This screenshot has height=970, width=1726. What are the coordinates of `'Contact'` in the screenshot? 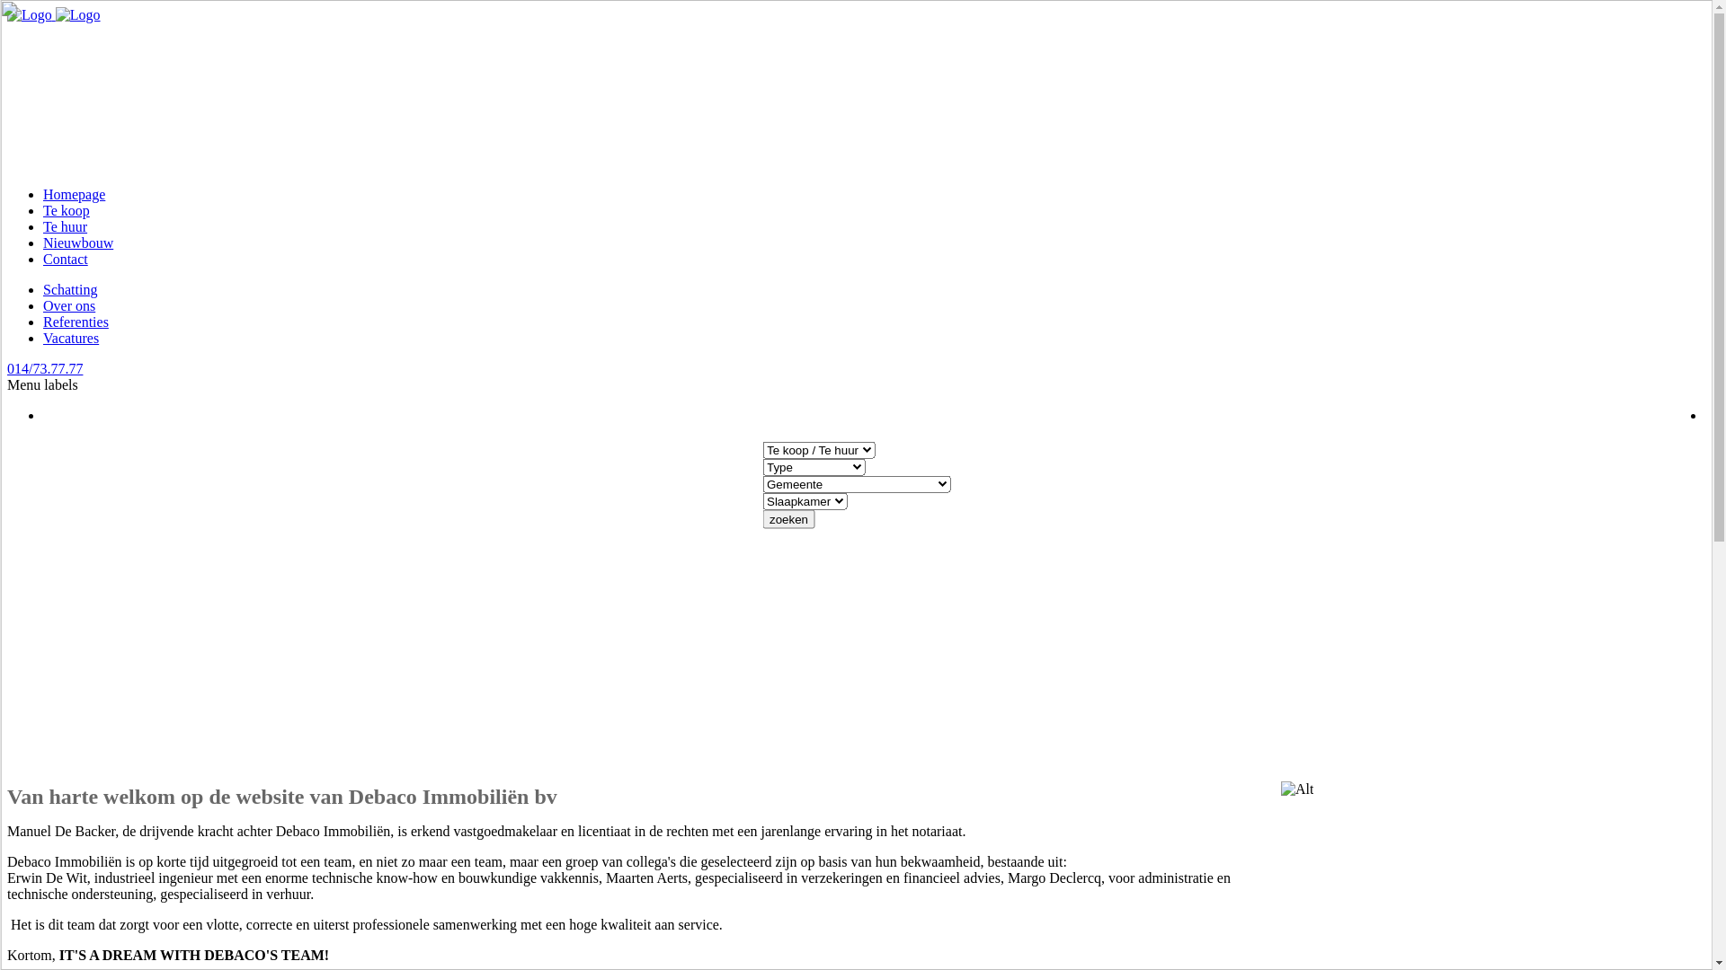 It's located at (65, 259).